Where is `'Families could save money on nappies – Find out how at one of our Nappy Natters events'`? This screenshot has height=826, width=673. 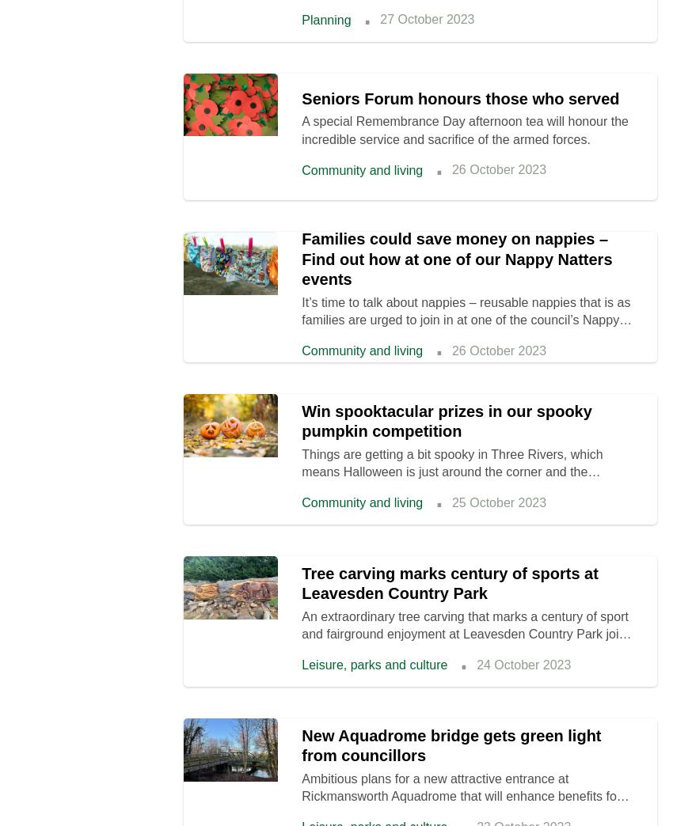 'Families could save money on nappies – Find out how at one of our Nappy Natters events' is located at coordinates (456, 257).